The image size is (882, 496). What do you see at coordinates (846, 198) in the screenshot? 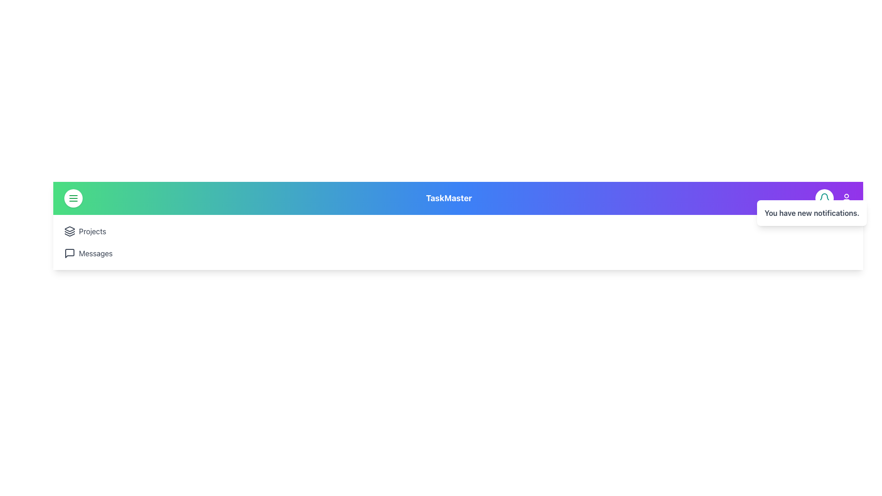
I see `the user profile button located at the far-right side of the top navigation bar` at bounding box center [846, 198].